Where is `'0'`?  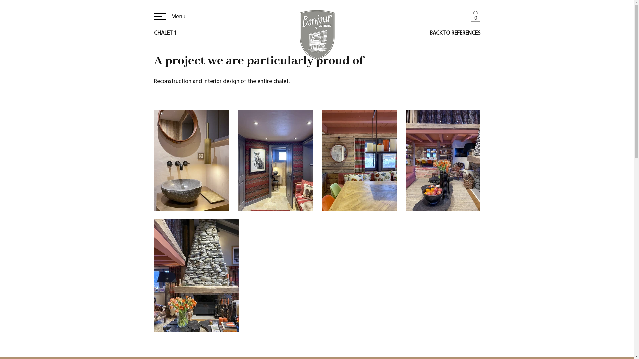
'0' is located at coordinates (475, 15).